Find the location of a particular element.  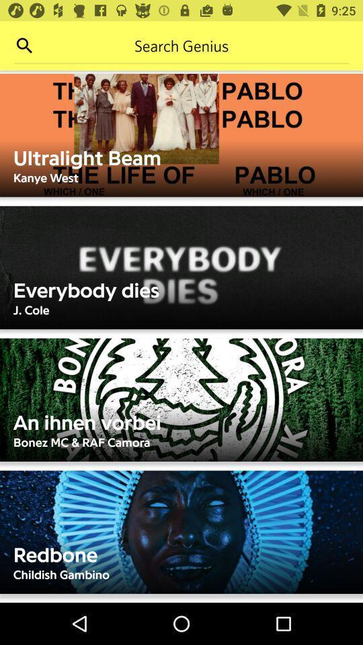

search site is located at coordinates (182, 46).